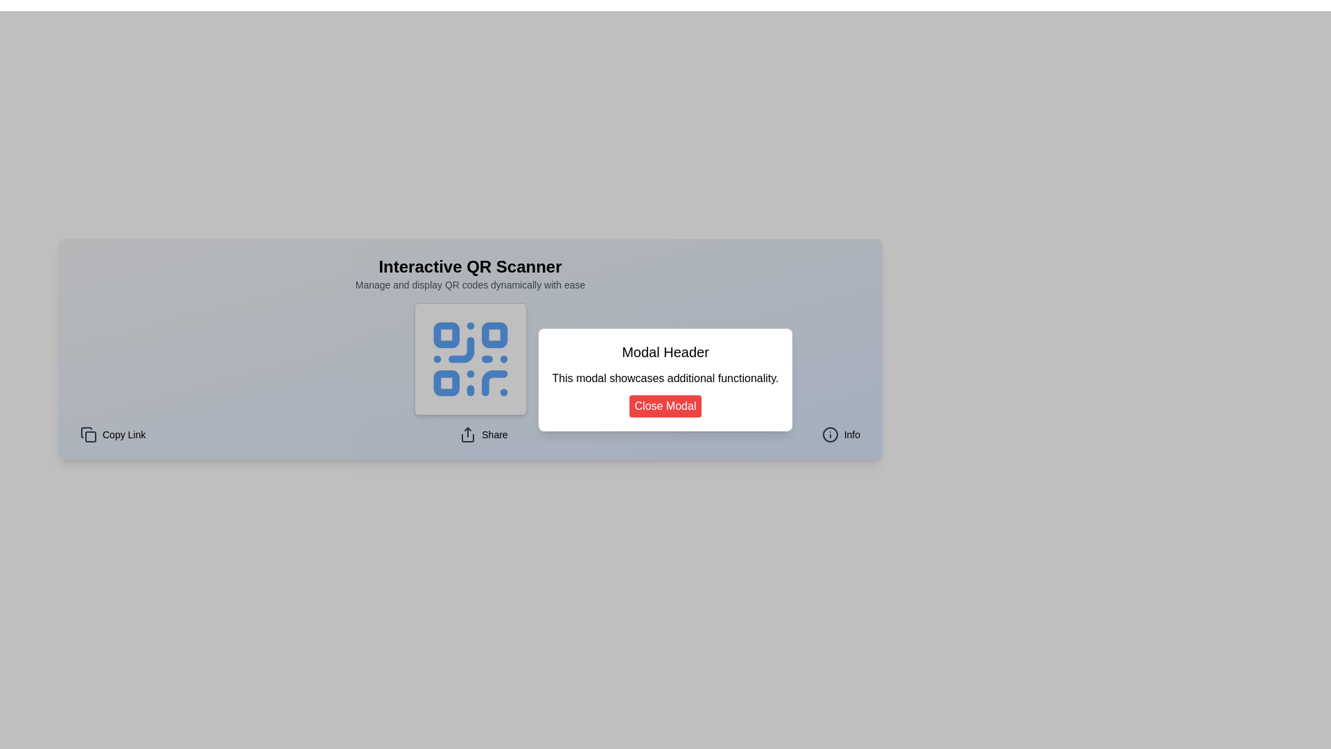 This screenshot has width=1331, height=749. Describe the element at coordinates (840, 434) in the screenshot. I see `the Info button with an icon and text, which has a gray information icon and the word 'Info' next to it, located at the far right of the horizontal row of options` at that location.